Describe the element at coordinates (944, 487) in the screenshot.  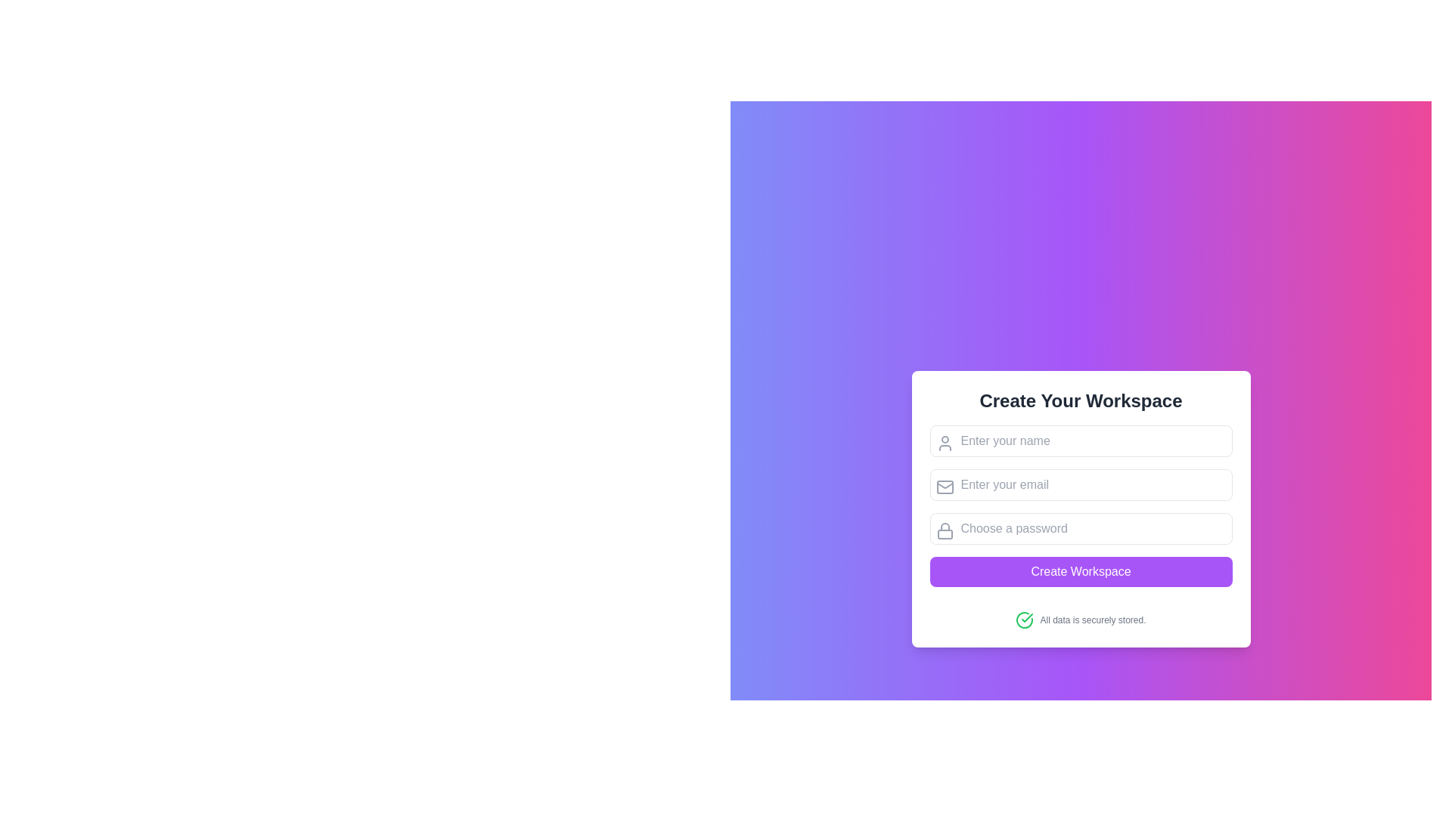
I see `graphical envelope icon component located next to the email input field, which is the second input field from the top within the form` at that location.